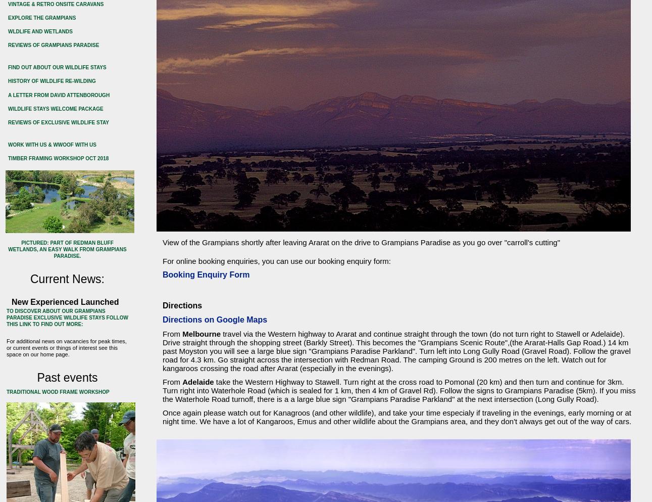 The width and height of the screenshot is (652, 502). I want to click on 'History of wildlife Re-wilding', so click(8, 80).